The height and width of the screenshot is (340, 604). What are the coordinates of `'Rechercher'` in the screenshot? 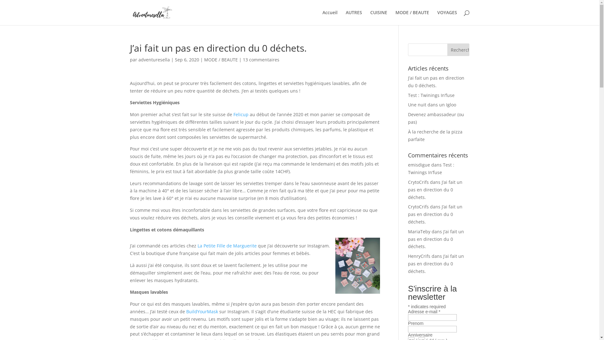 It's located at (458, 49).